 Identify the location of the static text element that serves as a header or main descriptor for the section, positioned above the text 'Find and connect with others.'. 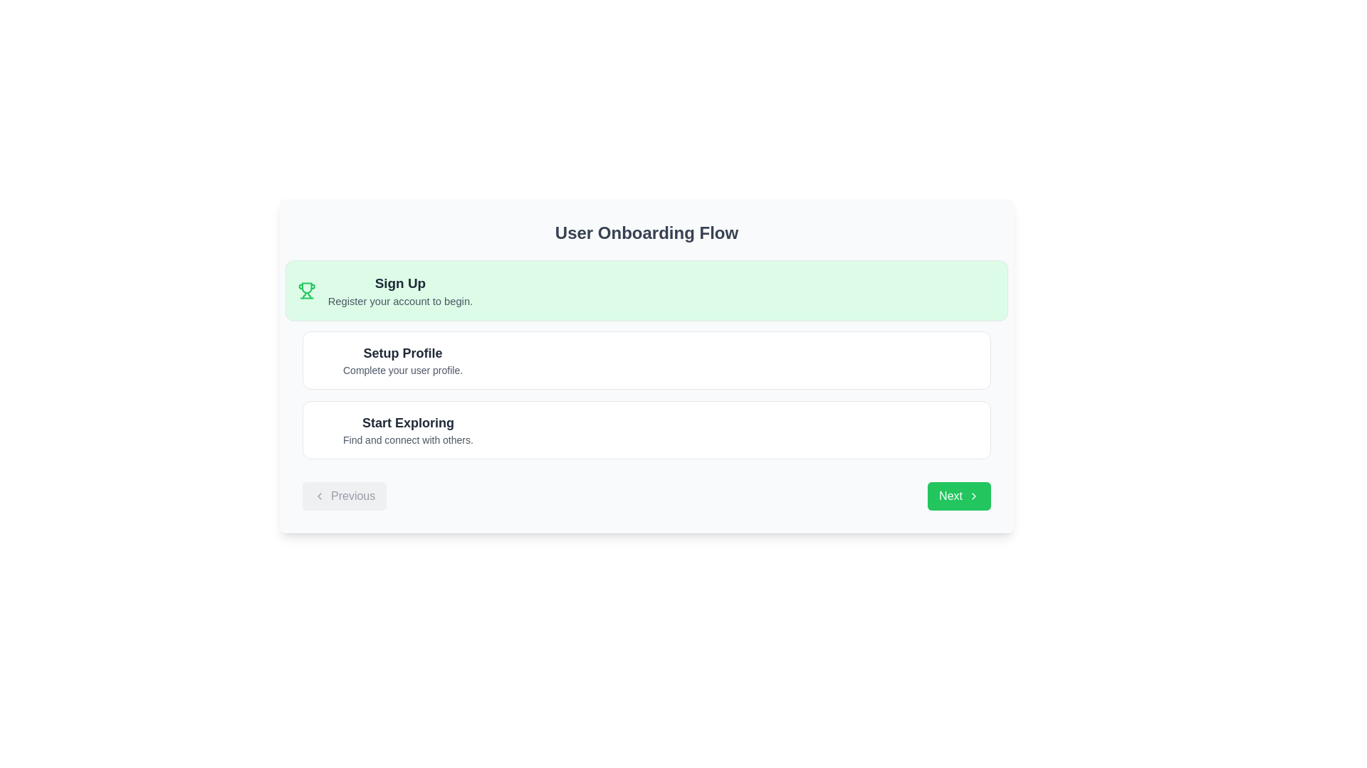
(407, 422).